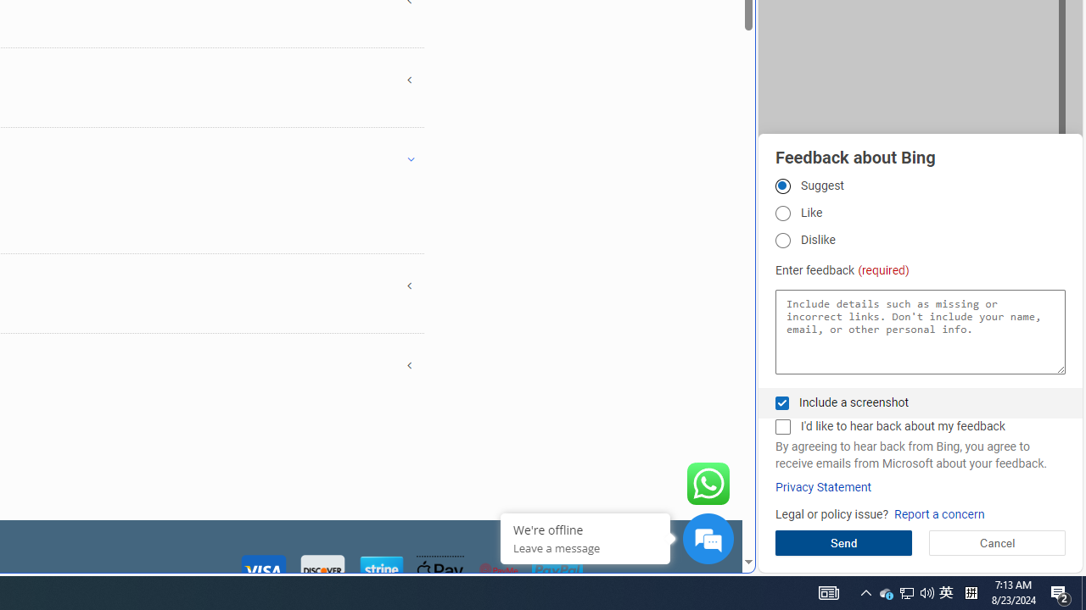 Image resolution: width=1086 pixels, height=610 pixels. What do you see at coordinates (997, 542) in the screenshot?
I see `'Cancel'` at bounding box center [997, 542].